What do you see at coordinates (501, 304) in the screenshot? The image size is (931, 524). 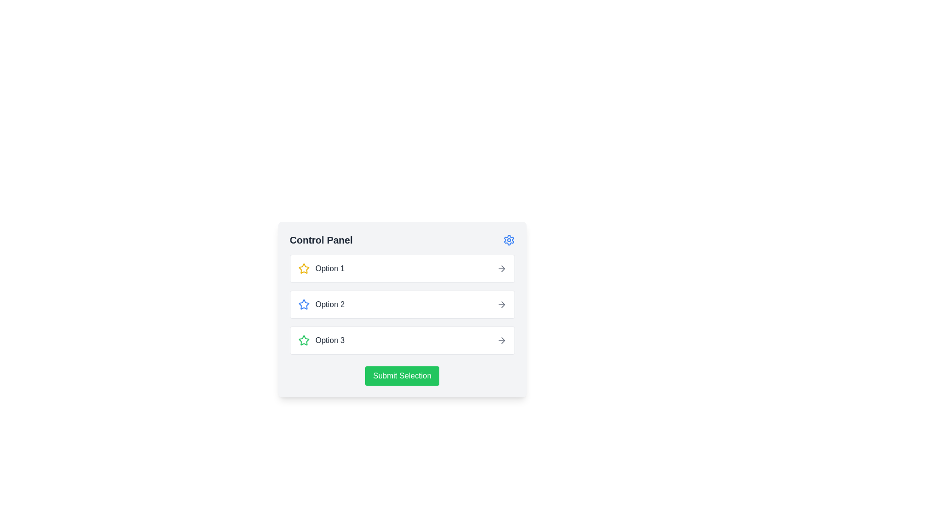 I see `the right-facing arrow icon button located within the 'Option 2' section` at bounding box center [501, 304].